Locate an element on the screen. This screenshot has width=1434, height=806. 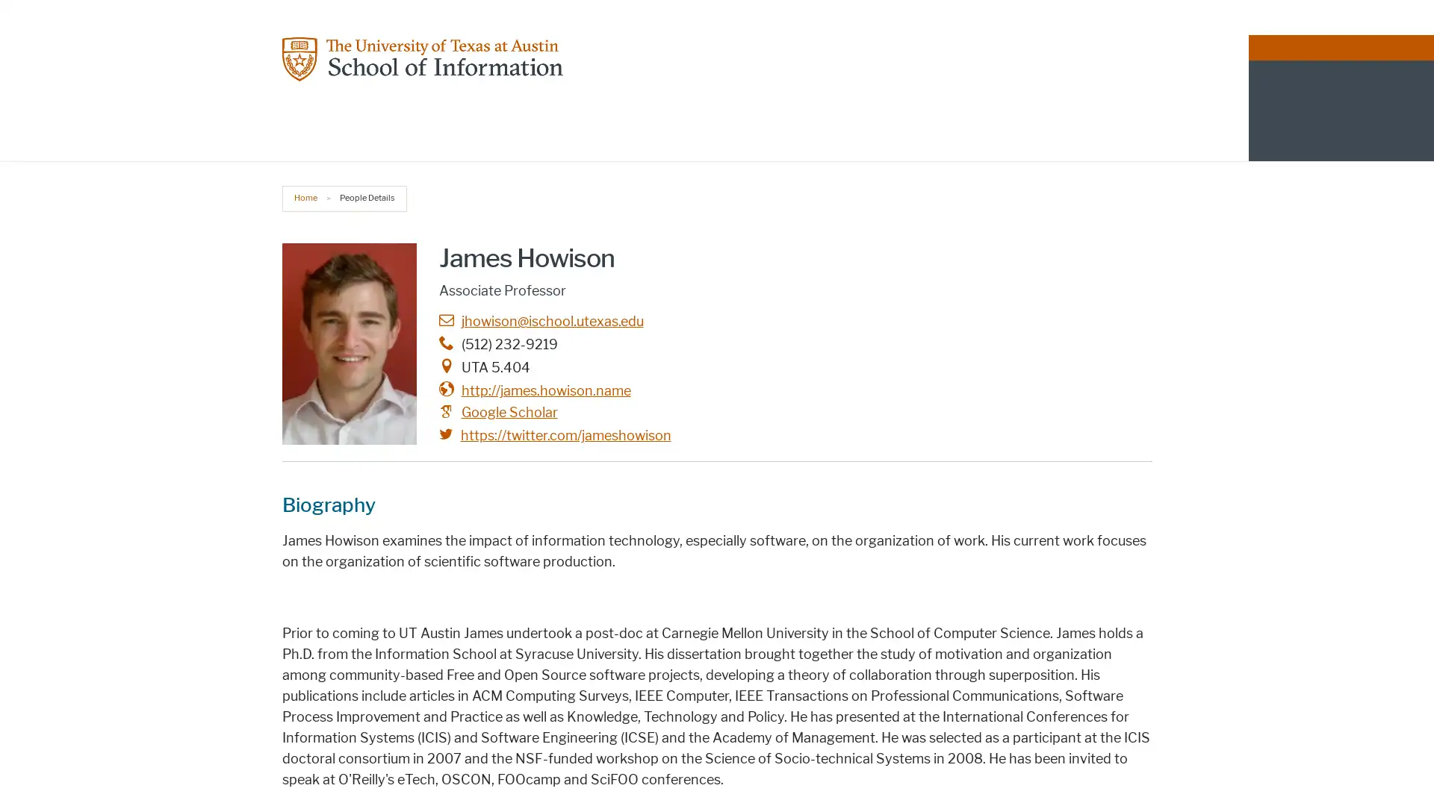
Search is located at coordinates (1135, 49).